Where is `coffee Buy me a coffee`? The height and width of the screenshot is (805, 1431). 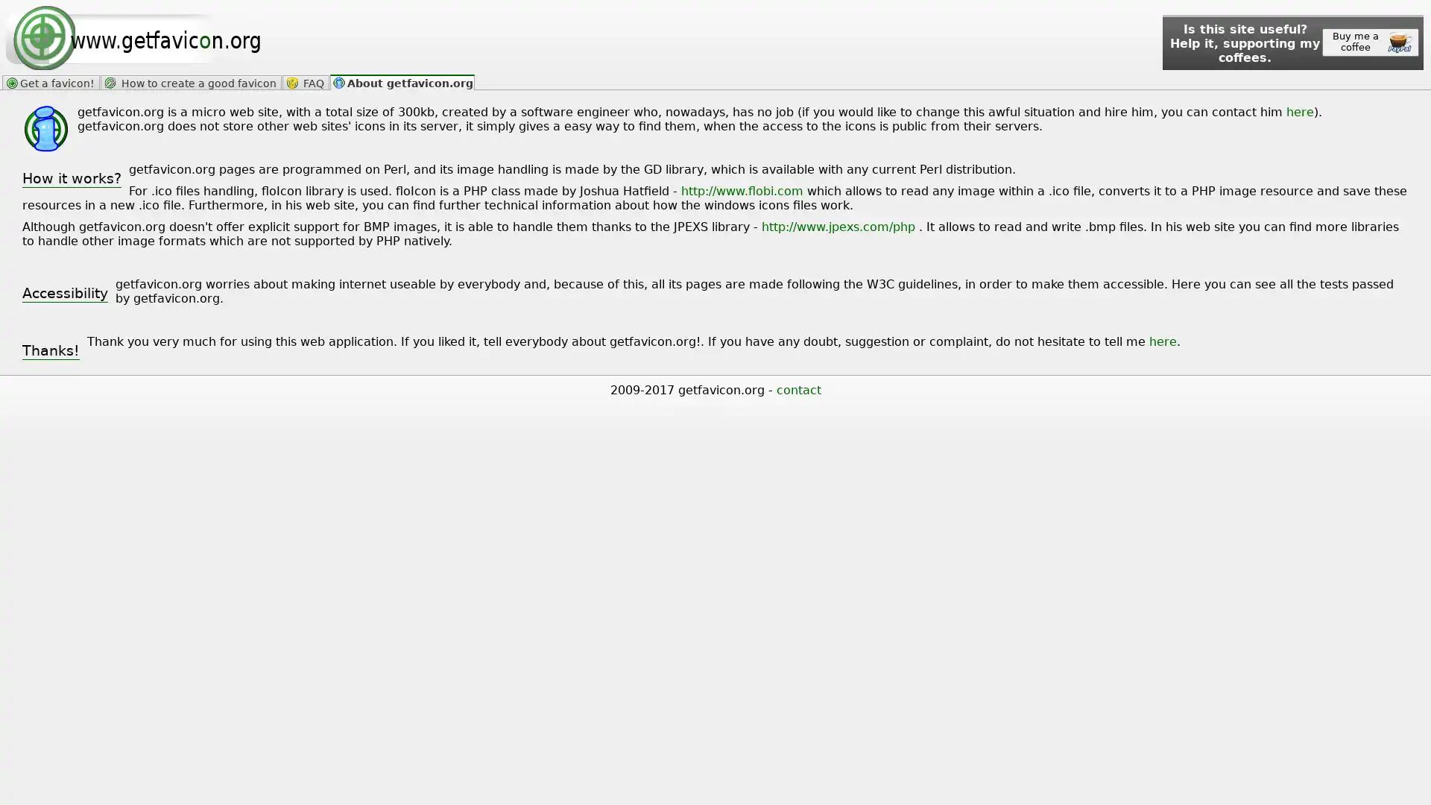 coffee Buy me a coffee is located at coordinates (1370, 42).